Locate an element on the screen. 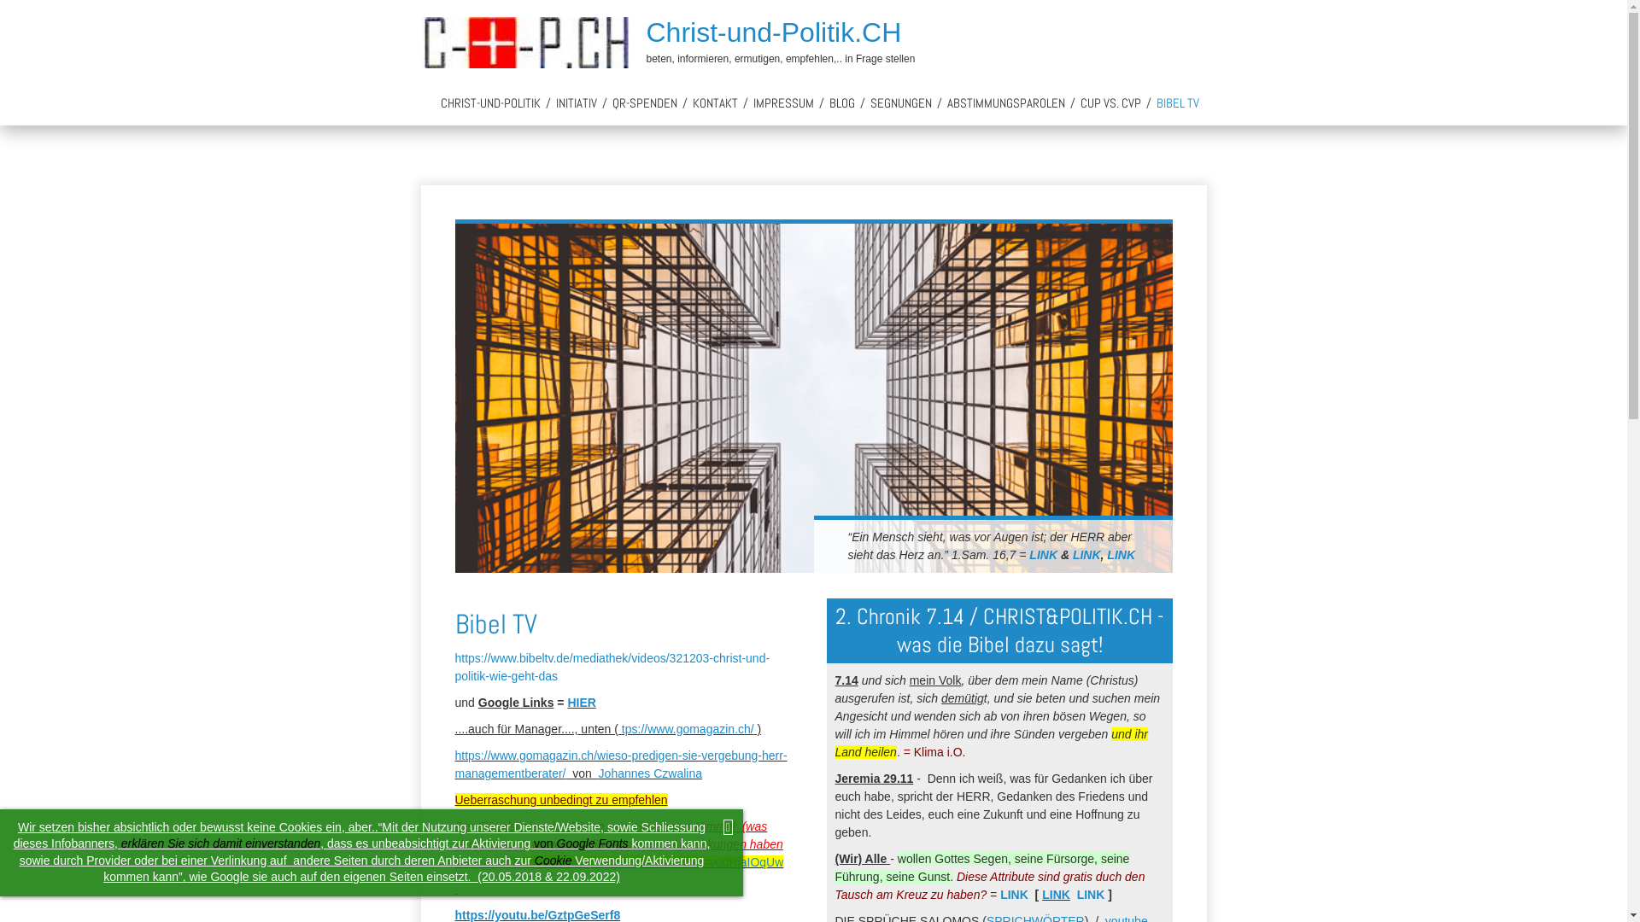  'QR-SPENDEN' is located at coordinates (643, 102).